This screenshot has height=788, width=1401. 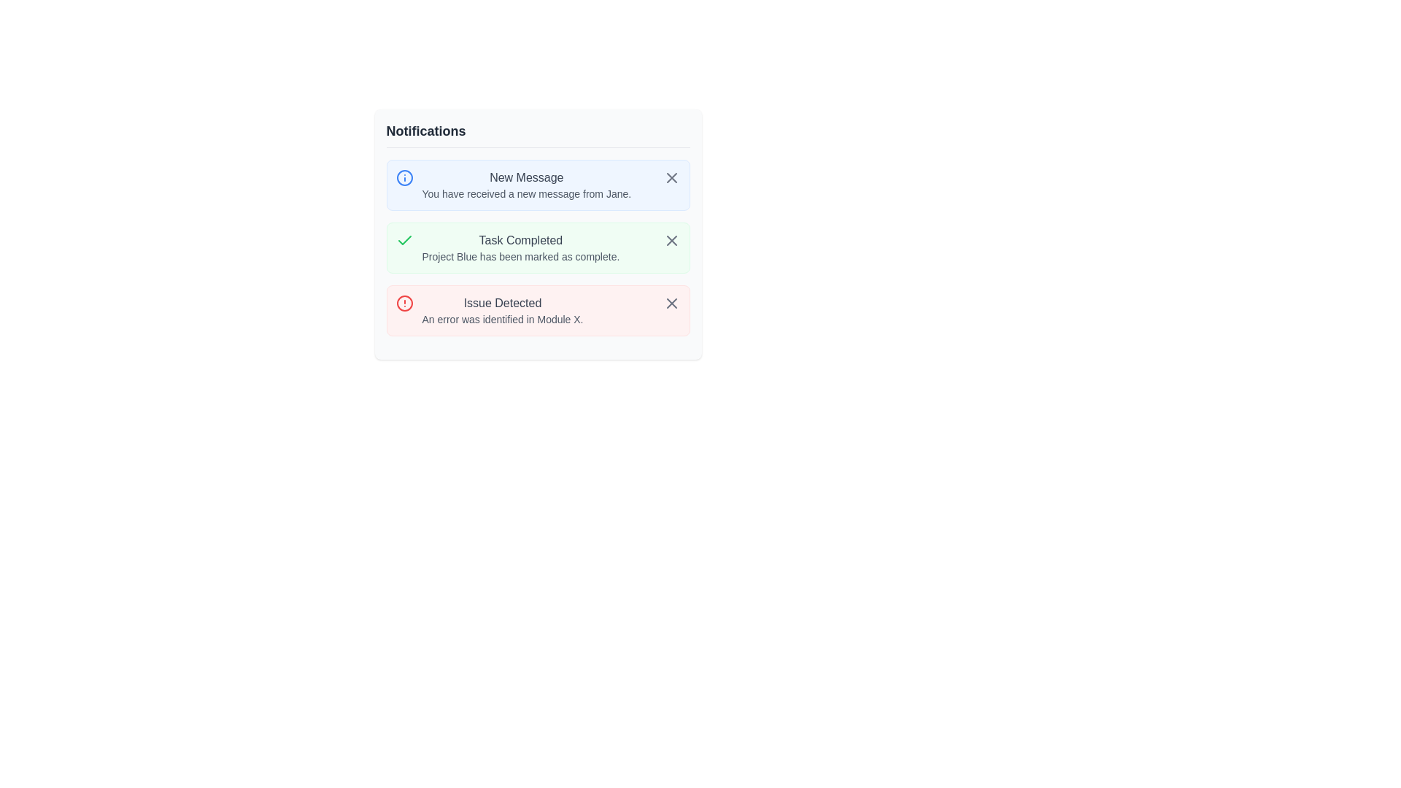 What do you see at coordinates (404, 239) in the screenshot?
I see `the completion icon located inside the green notification labeled 'Task Completed', positioned to the left of the text content` at bounding box center [404, 239].